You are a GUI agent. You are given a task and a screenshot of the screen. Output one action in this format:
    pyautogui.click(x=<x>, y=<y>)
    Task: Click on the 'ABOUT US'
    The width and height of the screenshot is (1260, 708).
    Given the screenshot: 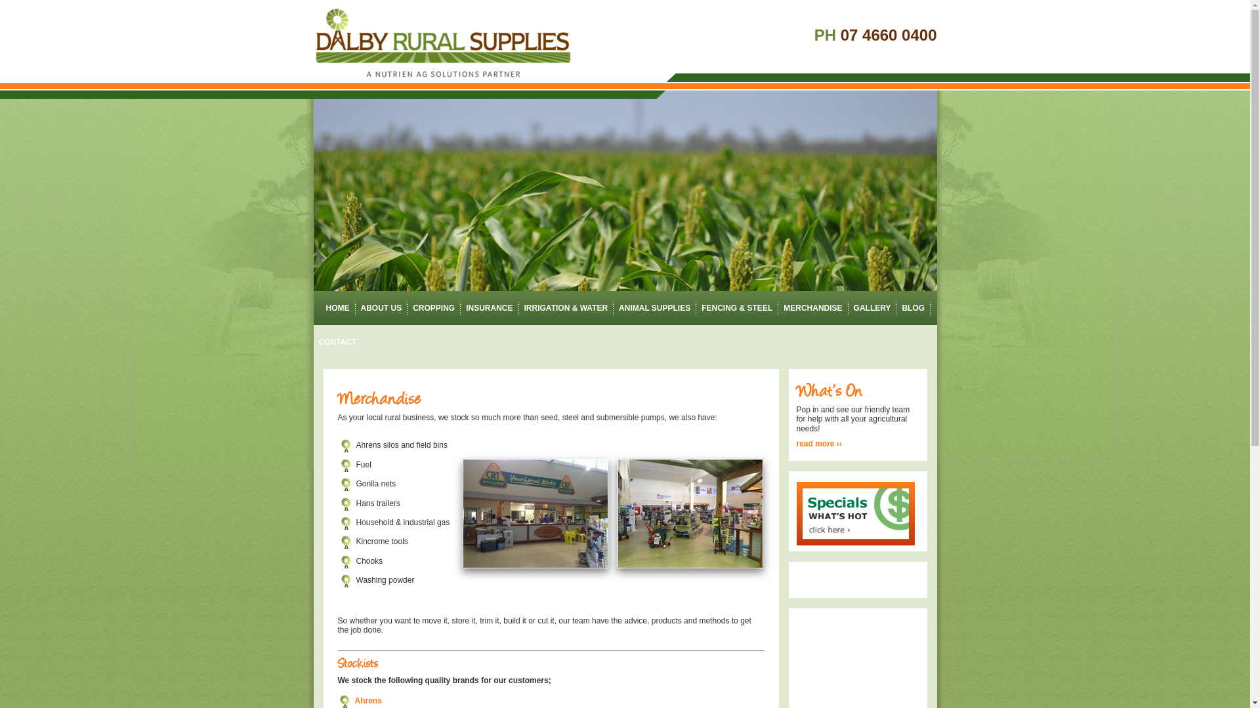 What is the action you would take?
    pyautogui.click(x=381, y=308)
    